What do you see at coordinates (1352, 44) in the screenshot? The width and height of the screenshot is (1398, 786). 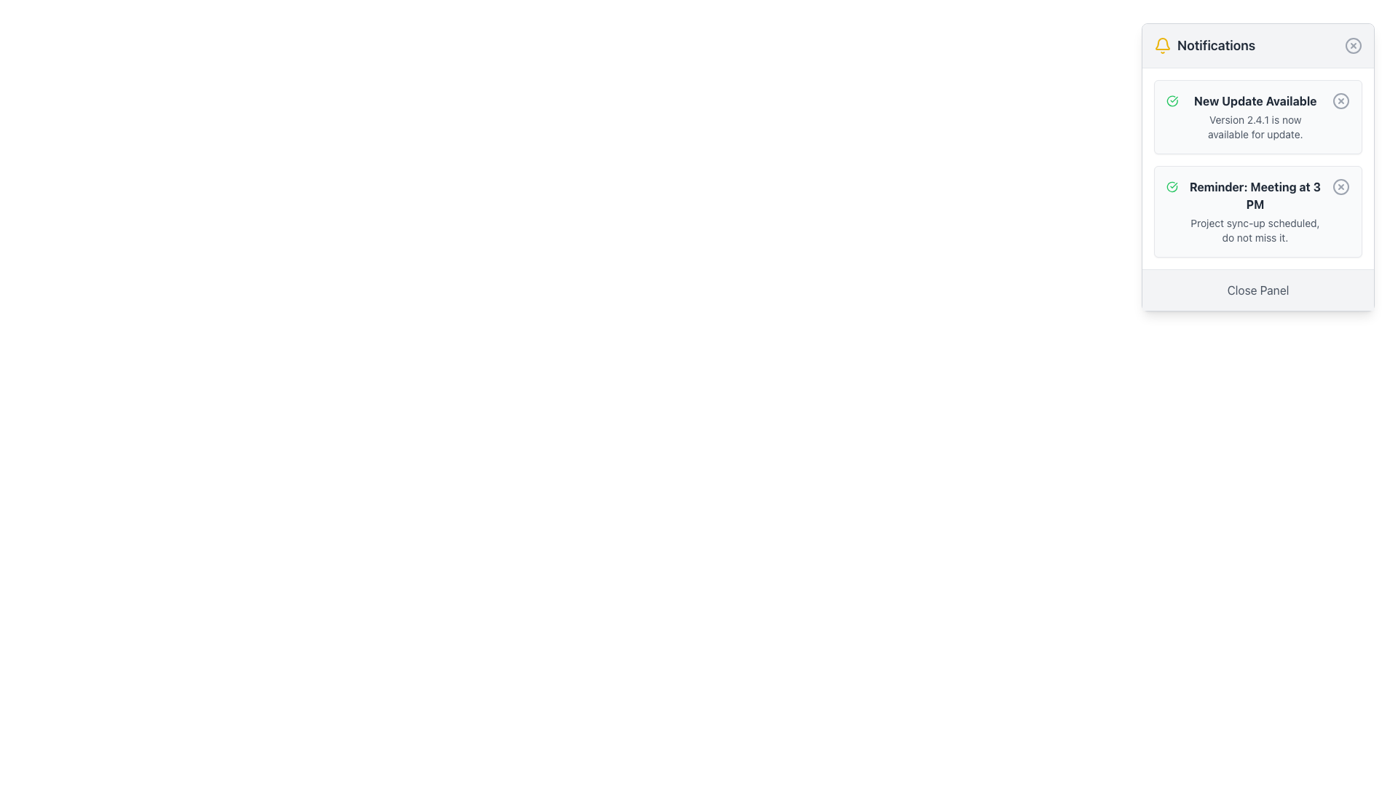 I see `the circular 'X' icon button located in the top-right corner of the 'Notifications' panel to change the icon color` at bounding box center [1352, 44].